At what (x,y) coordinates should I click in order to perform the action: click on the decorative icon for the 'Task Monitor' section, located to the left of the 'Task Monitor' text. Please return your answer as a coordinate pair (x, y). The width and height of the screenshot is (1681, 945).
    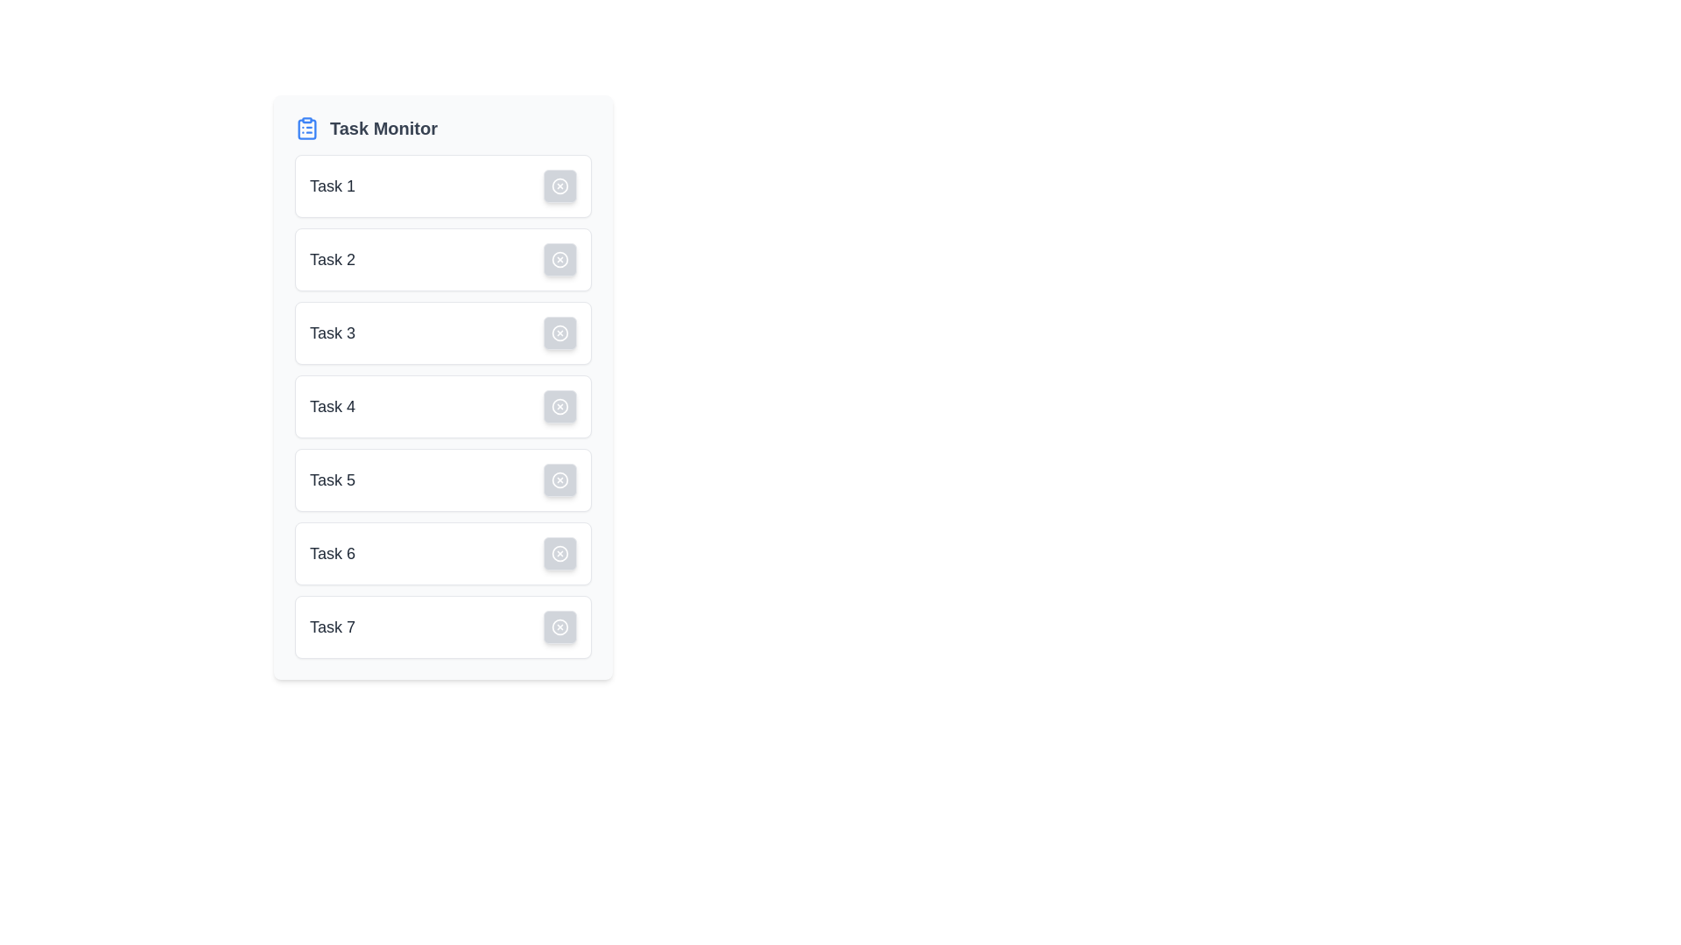
    Looking at the image, I should click on (306, 127).